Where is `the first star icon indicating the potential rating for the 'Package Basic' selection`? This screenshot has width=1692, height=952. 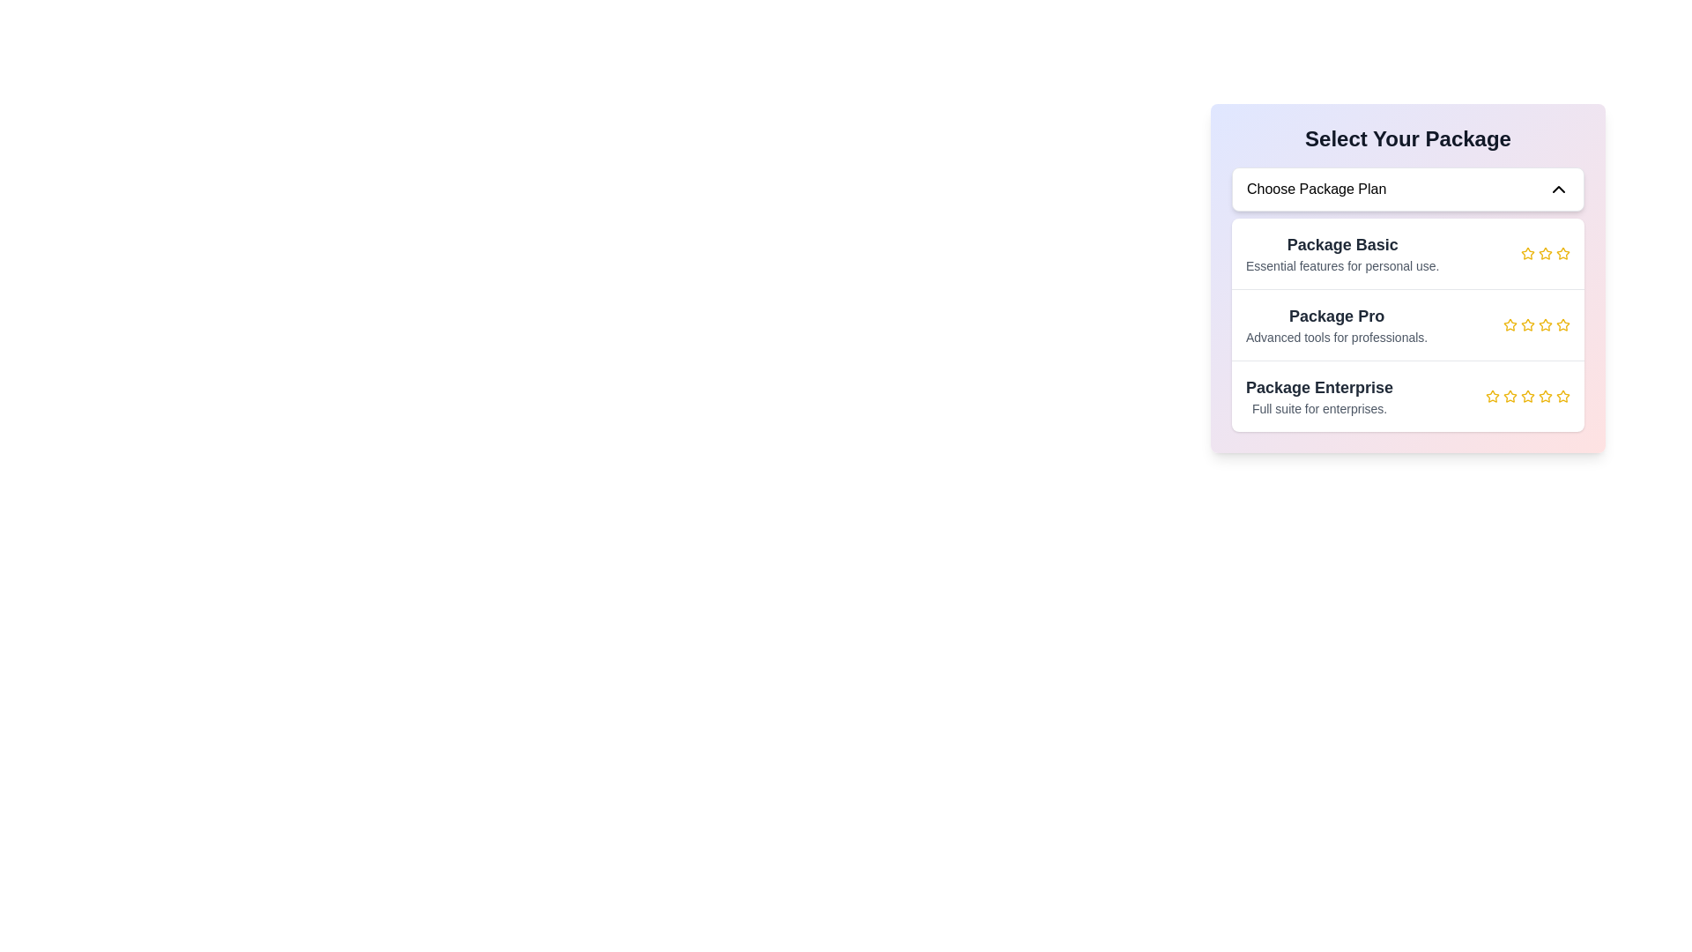 the first star icon indicating the potential rating for the 'Package Basic' selection is located at coordinates (1563, 253).